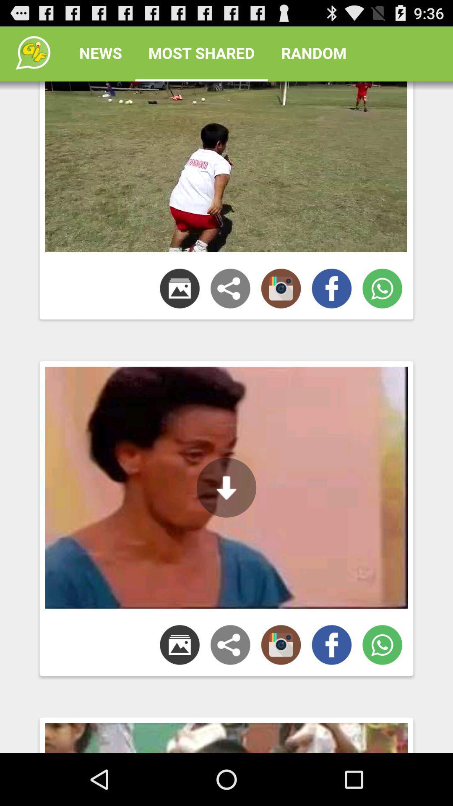  Describe the element at coordinates (179, 644) in the screenshot. I see `first icon in second image` at that location.